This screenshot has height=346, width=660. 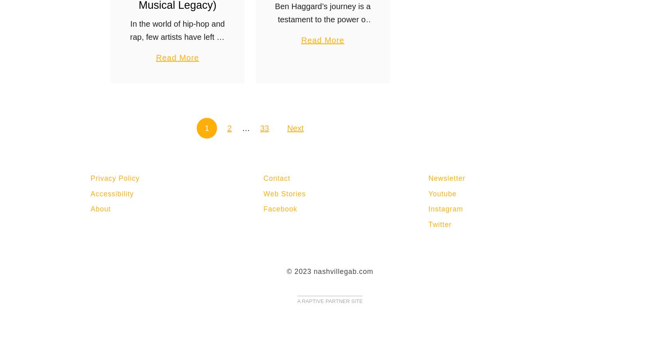 I want to click on 'Next', so click(x=287, y=127).